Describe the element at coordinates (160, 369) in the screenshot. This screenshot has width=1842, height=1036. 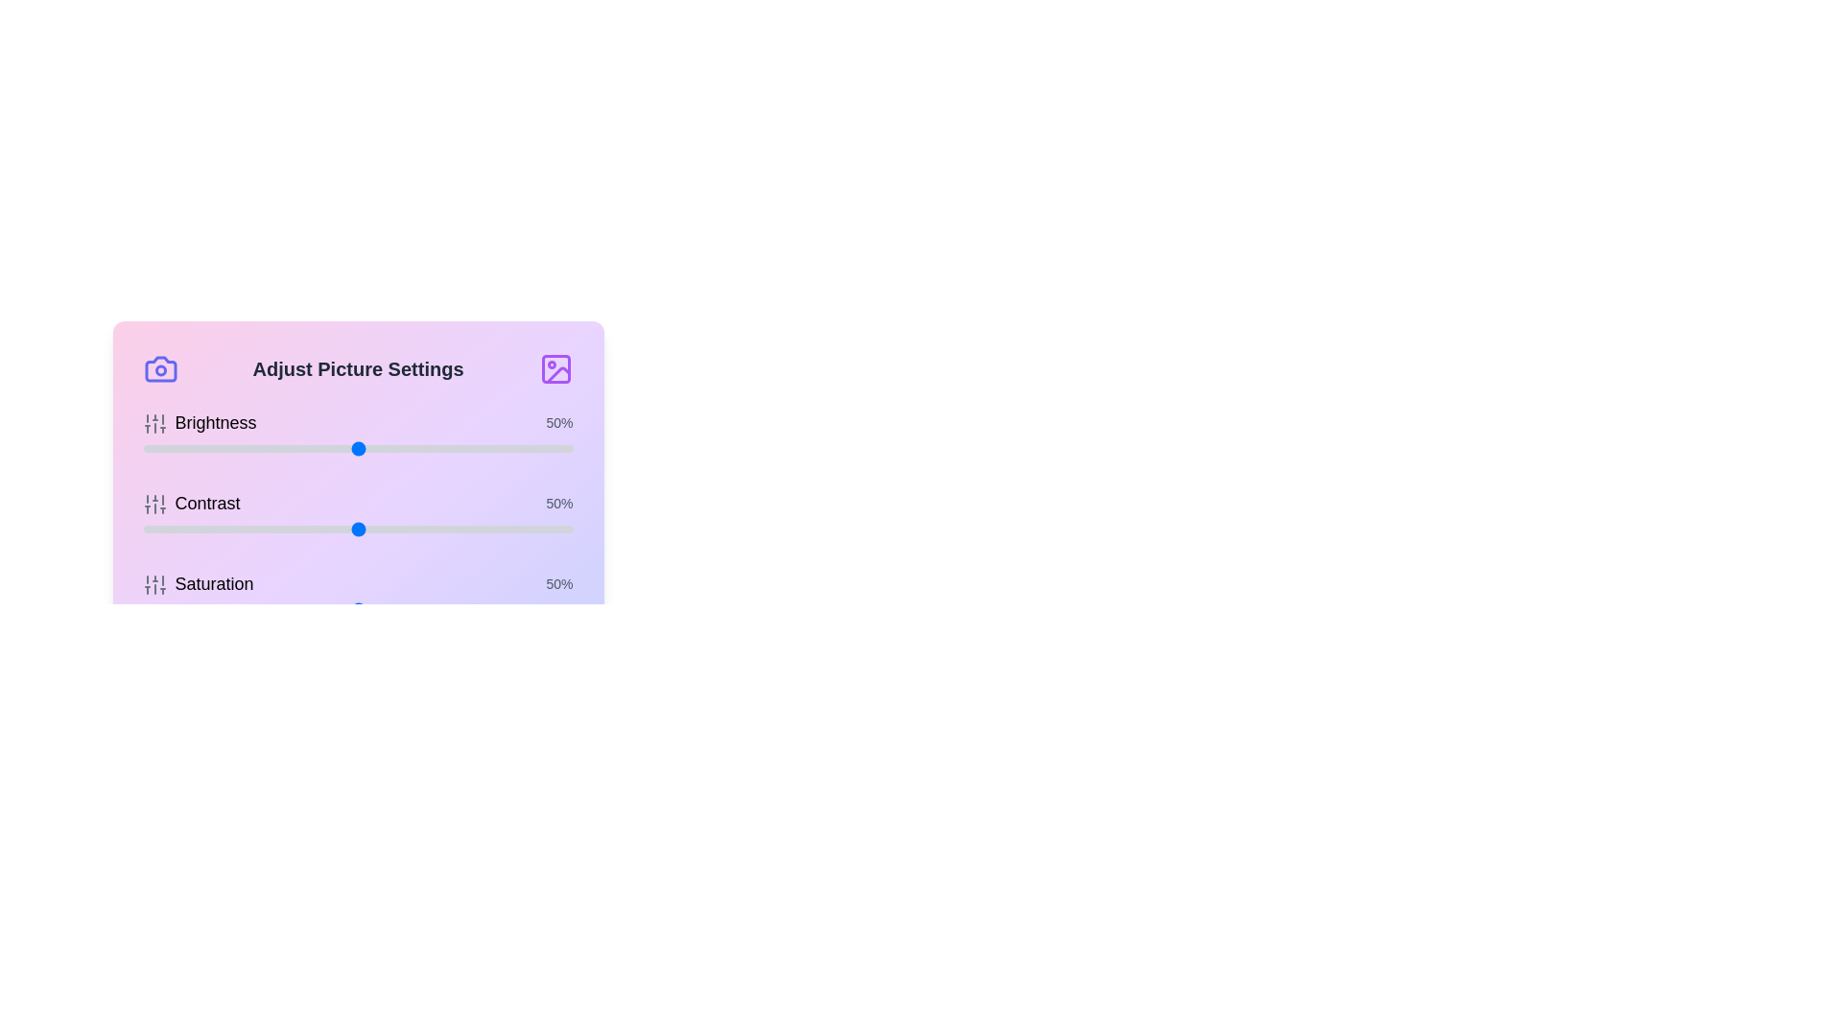
I see `the header icon camera` at that location.